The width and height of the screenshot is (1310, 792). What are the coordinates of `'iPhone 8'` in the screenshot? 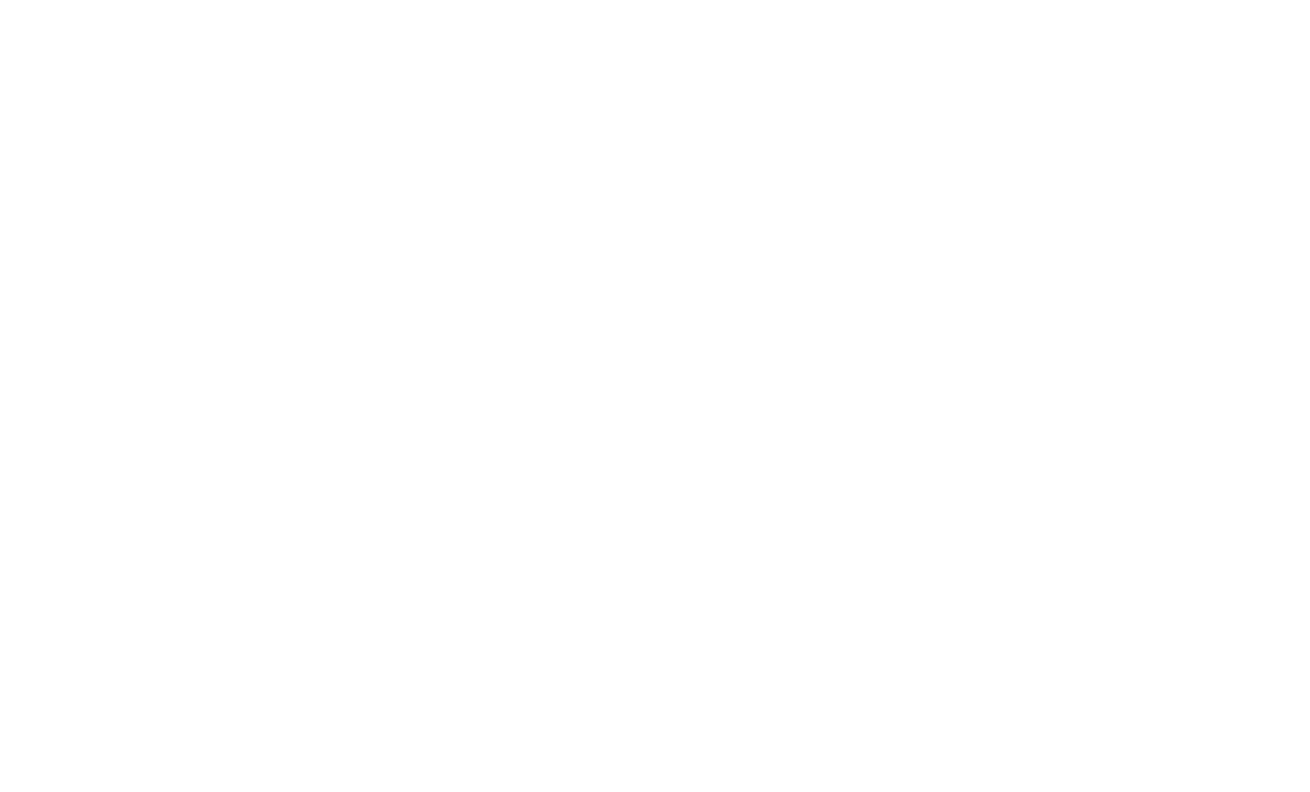 It's located at (414, 59).